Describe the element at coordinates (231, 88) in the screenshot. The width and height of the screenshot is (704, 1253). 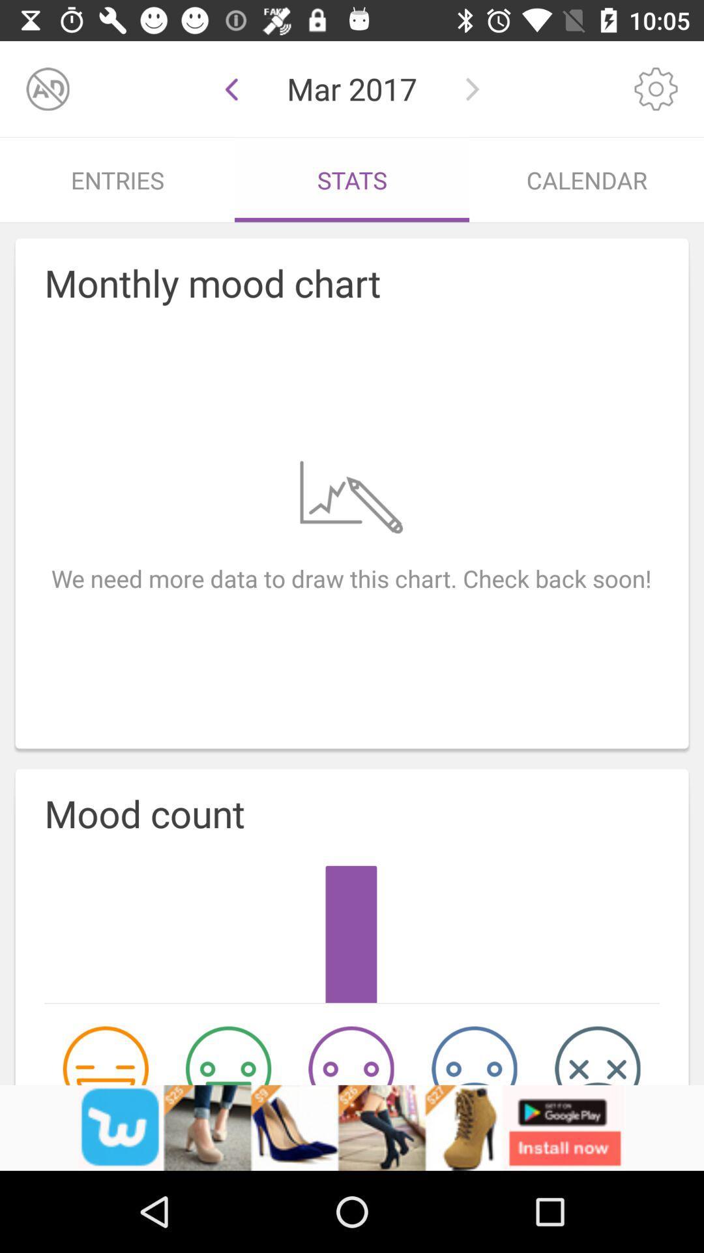
I see `backword to option` at that location.